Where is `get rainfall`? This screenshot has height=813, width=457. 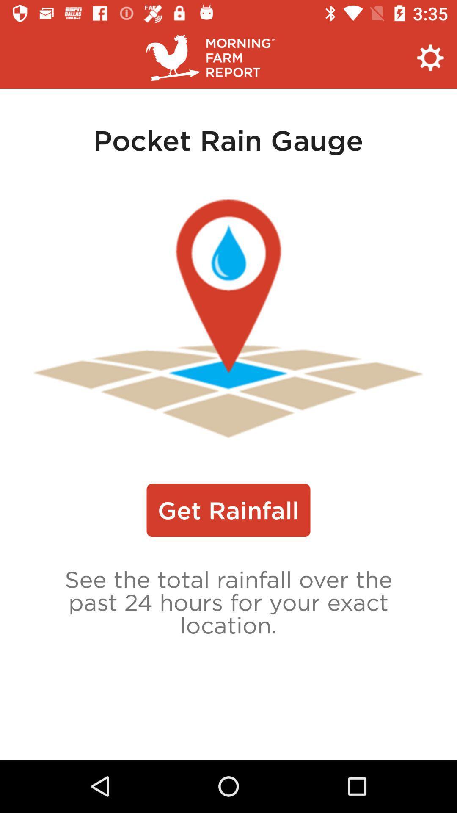 get rainfall is located at coordinates (228, 510).